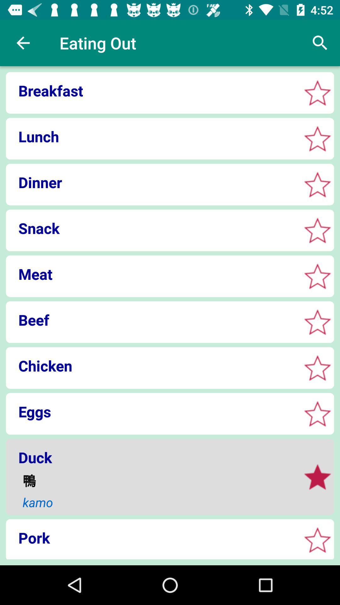  I want to click on this is a favorite button, so click(317, 539).